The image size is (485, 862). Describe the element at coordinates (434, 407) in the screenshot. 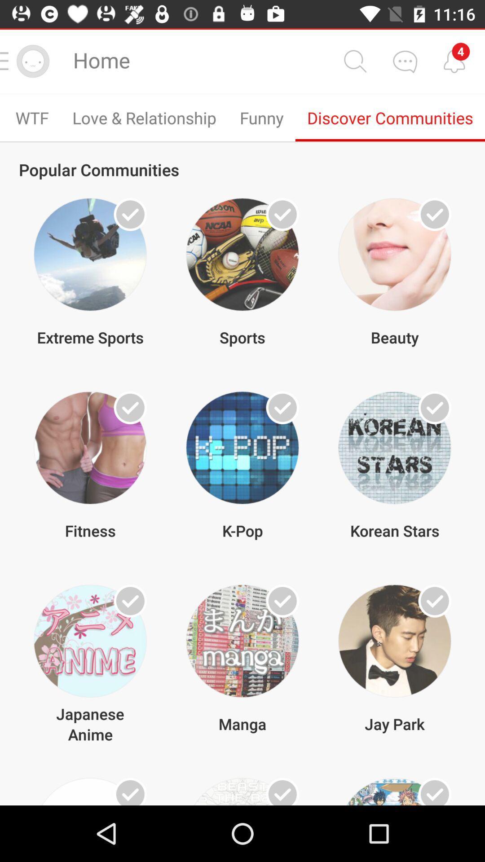

I see `this selection` at that location.